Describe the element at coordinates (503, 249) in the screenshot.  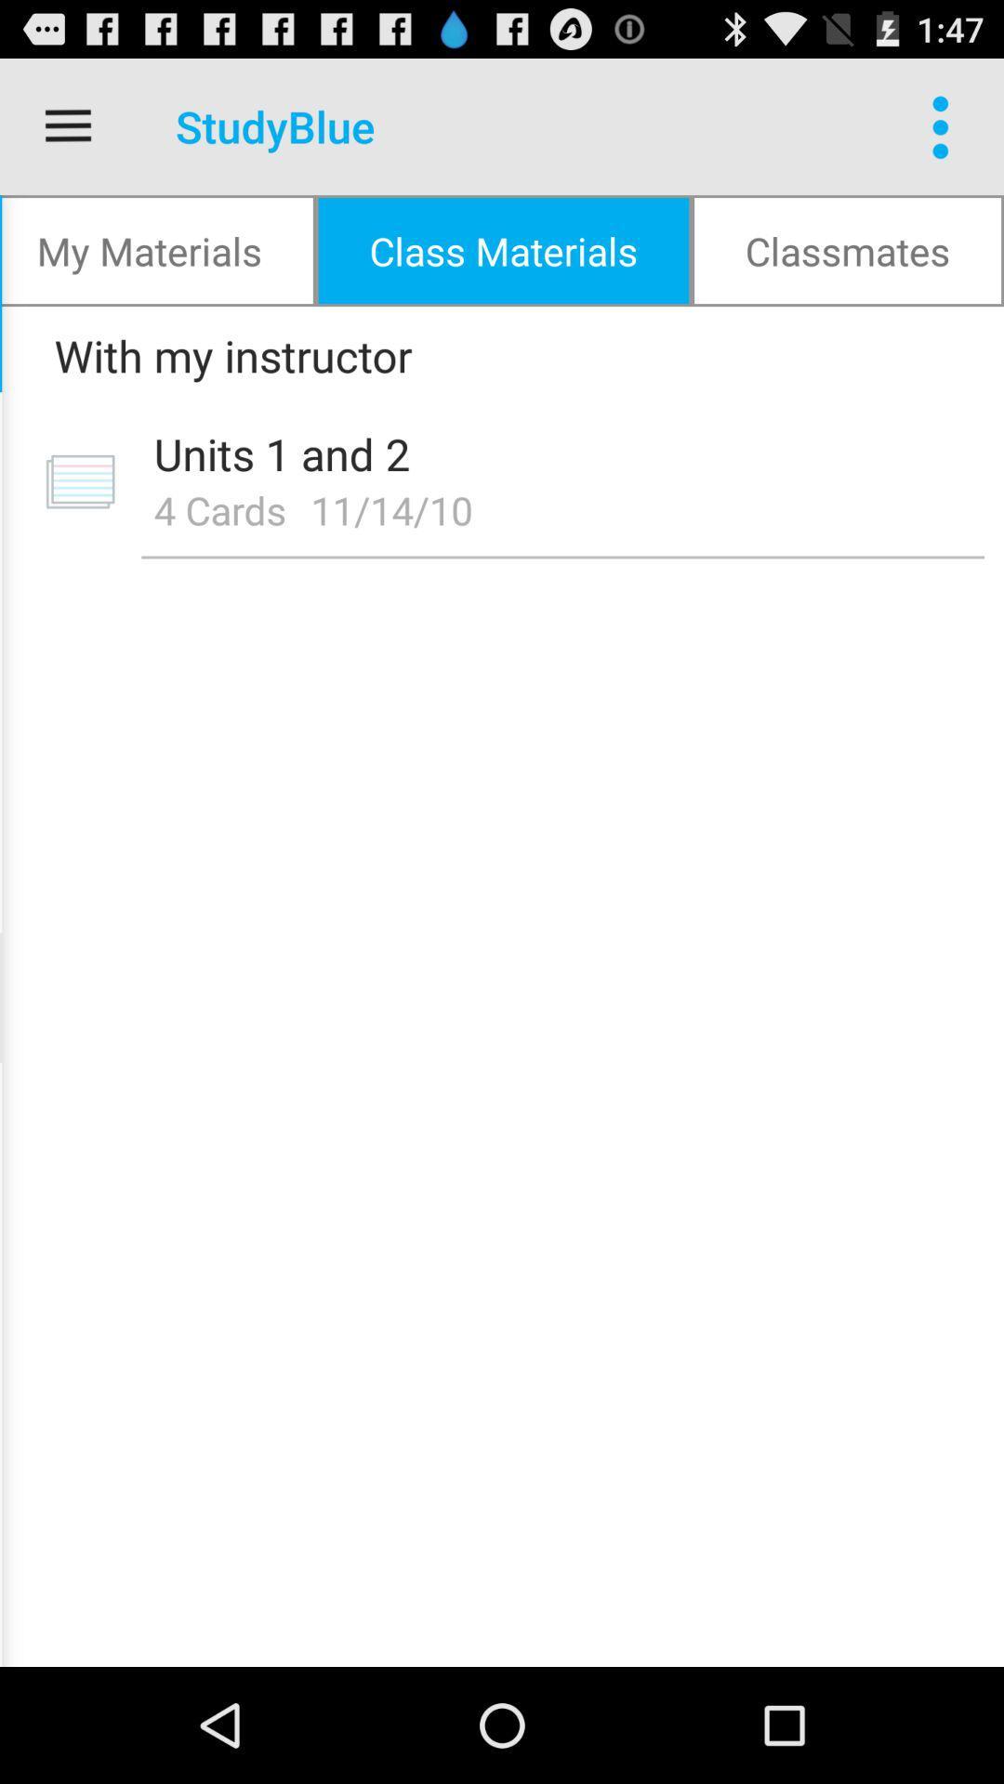
I see `the icon next to the classmates` at that location.